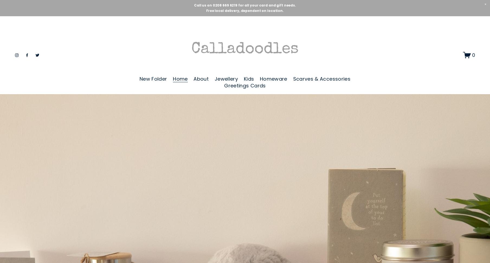 The height and width of the screenshot is (263, 490). I want to click on 'Scarves & Accessories', so click(321, 79).